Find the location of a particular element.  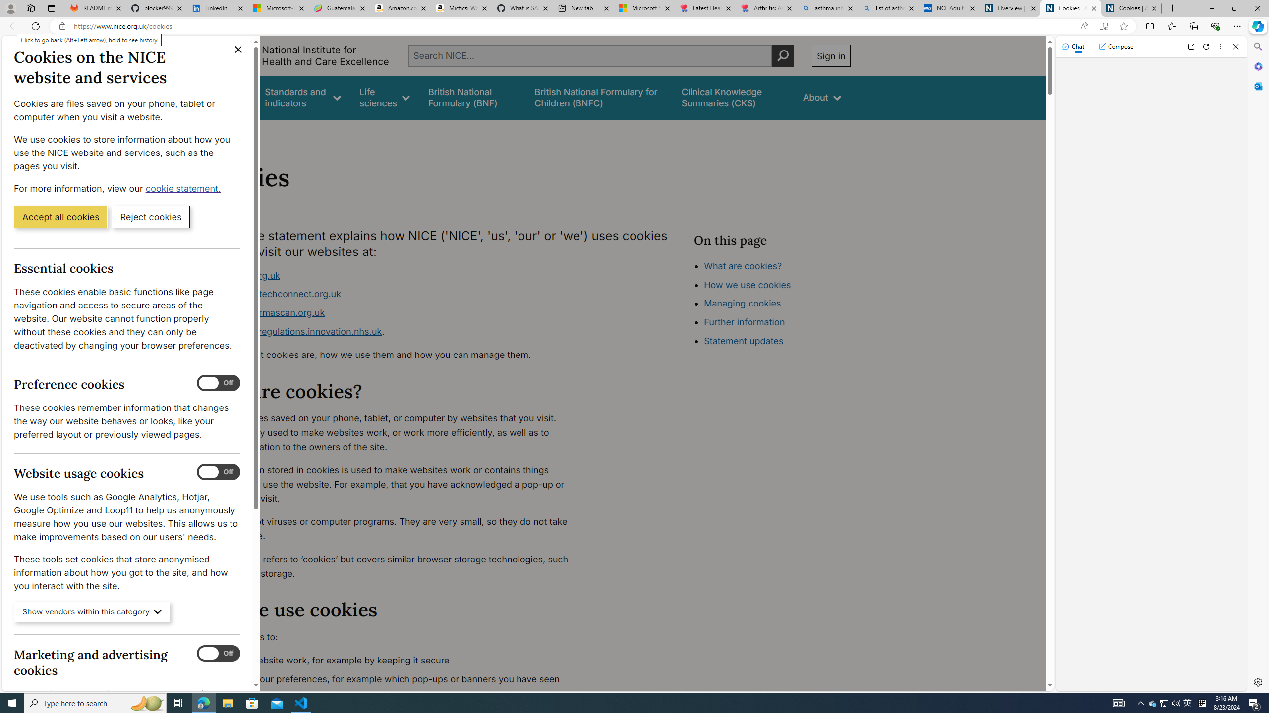

'www.healthtechconnect.org.uk' is located at coordinates (275, 294).